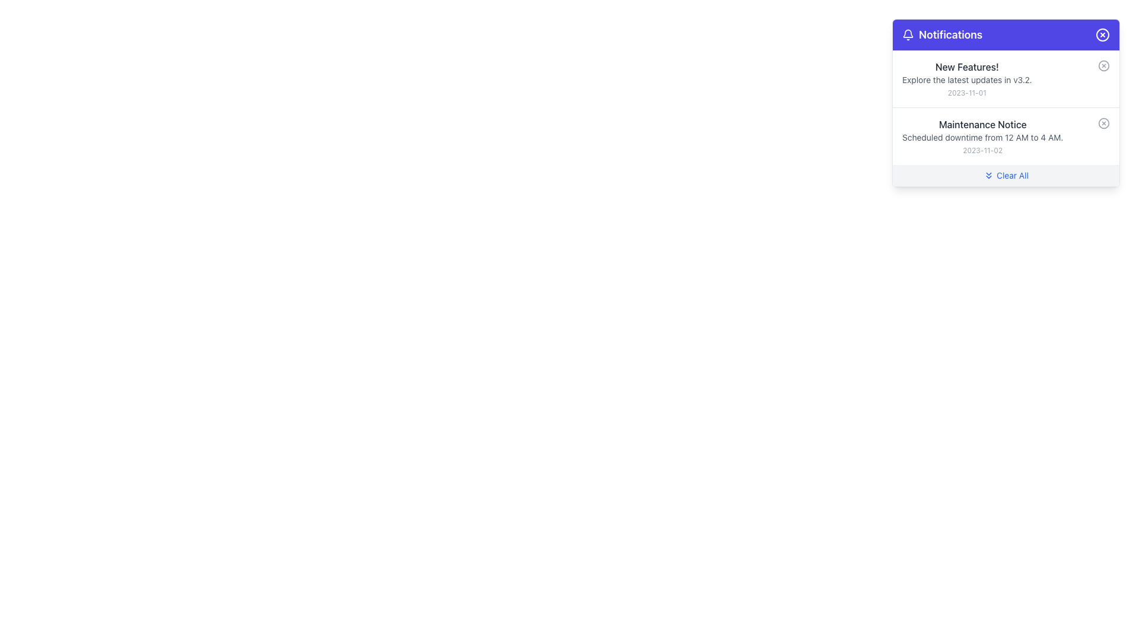 The image size is (1139, 641). I want to click on the circular close button with a cross symbol inside, located in the upper-right corner of the notification header bar, so click(1102, 34).